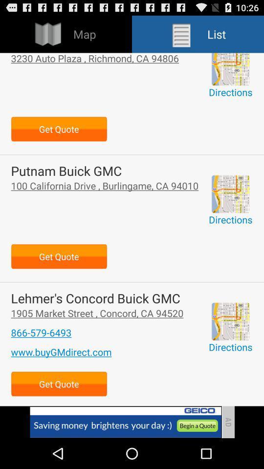 This screenshot has width=264, height=469. Describe the element at coordinates (230, 193) in the screenshot. I see `direction` at that location.